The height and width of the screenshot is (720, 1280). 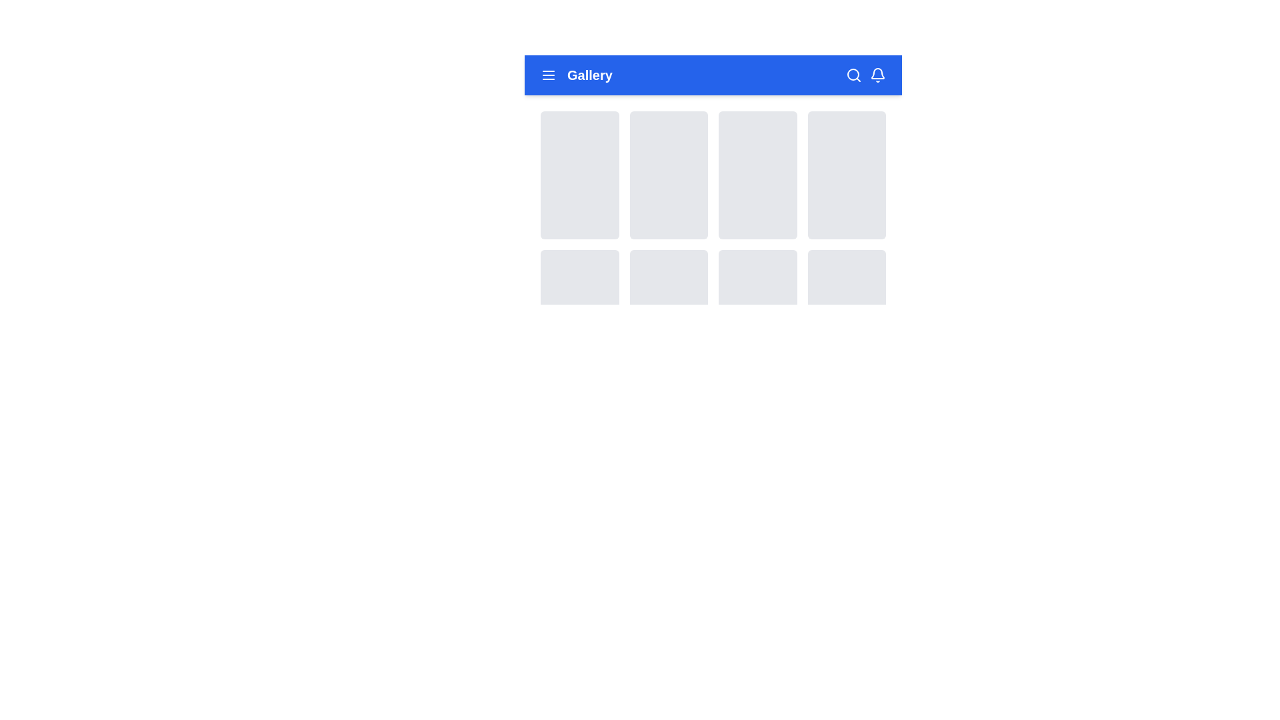 What do you see at coordinates (589, 75) in the screenshot?
I see `the 'Gallery' label in the blue navigation bar, which is located to the right of the hamburger menu icon` at bounding box center [589, 75].